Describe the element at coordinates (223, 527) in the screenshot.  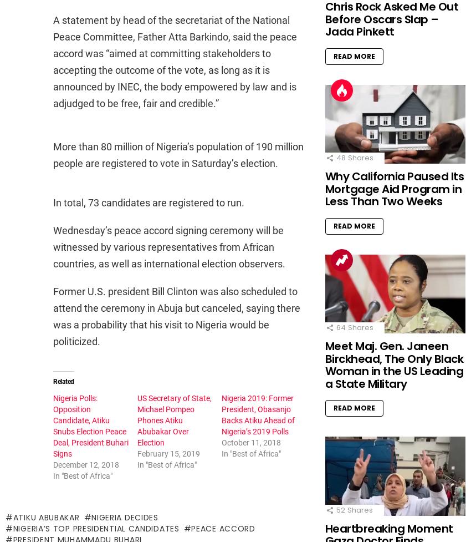
I see `'Peace Accord'` at that location.